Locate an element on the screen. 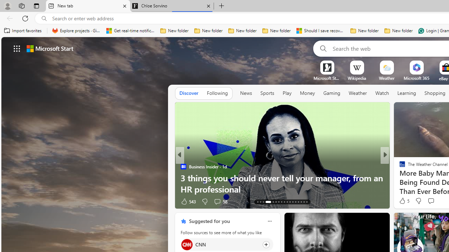 The height and width of the screenshot is (252, 449). 'View comments 5 Comment' is located at coordinates (433, 201).